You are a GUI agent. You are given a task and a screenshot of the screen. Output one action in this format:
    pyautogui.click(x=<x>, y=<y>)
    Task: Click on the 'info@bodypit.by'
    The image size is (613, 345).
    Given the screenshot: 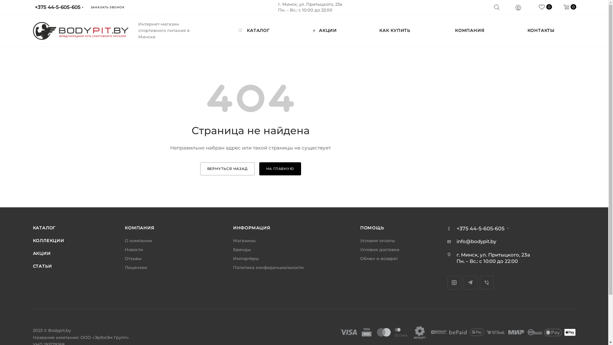 What is the action you would take?
    pyautogui.click(x=476, y=241)
    